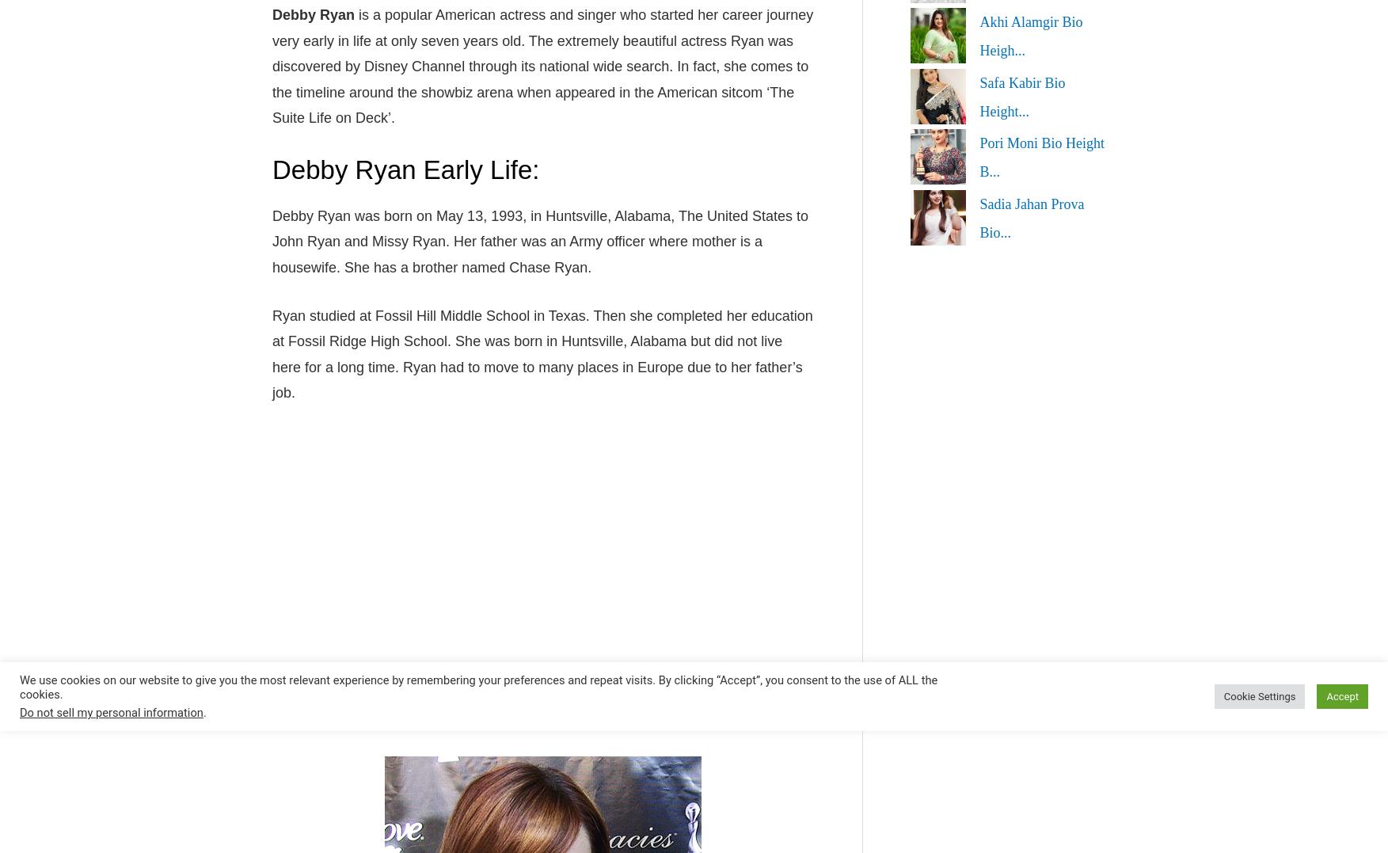 The width and height of the screenshot is (1388, 853). Describe the element at coordinates (477, 686) in the screenshot. I see `'We use cookies on our website to give you the most relevant experience by remembering your preferences and repeat visits. By clicking “Accept”, you consent to the use of ALL the cookies.'` at that location.